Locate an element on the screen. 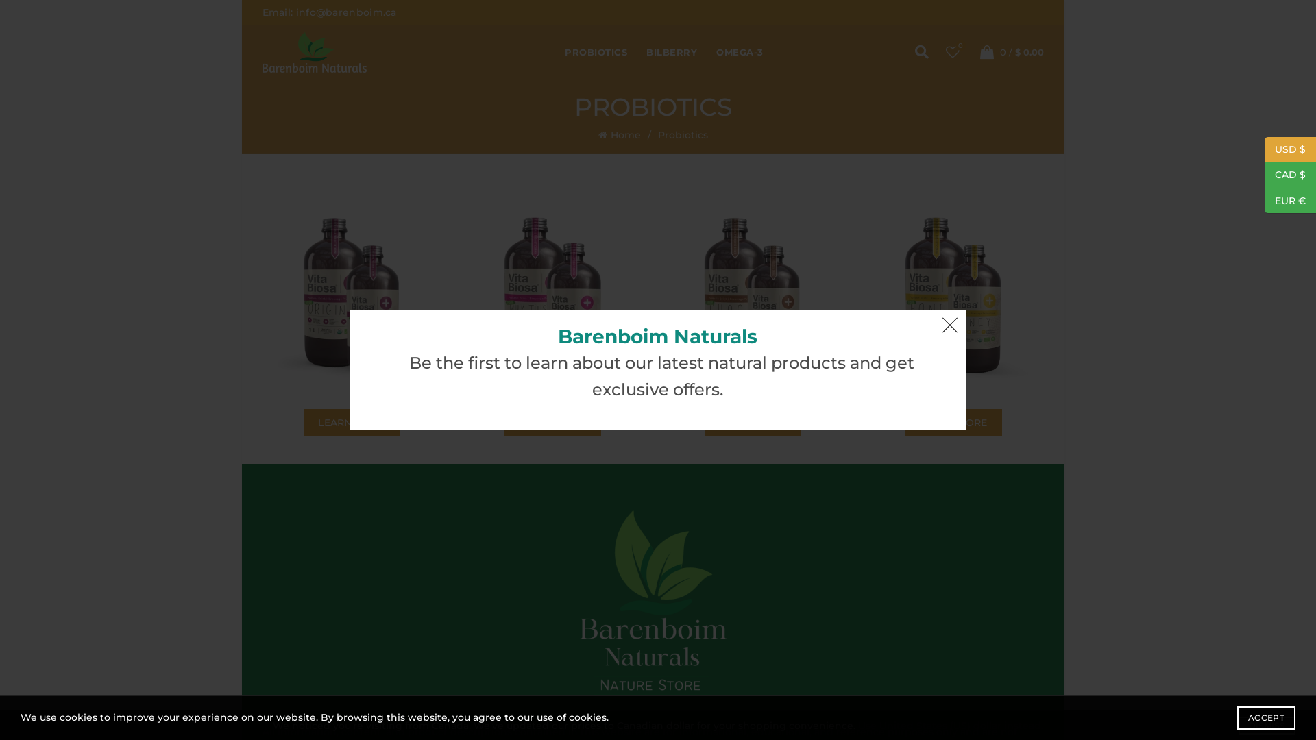  'PROBIOTICS' is located at coordinates (556, 51).